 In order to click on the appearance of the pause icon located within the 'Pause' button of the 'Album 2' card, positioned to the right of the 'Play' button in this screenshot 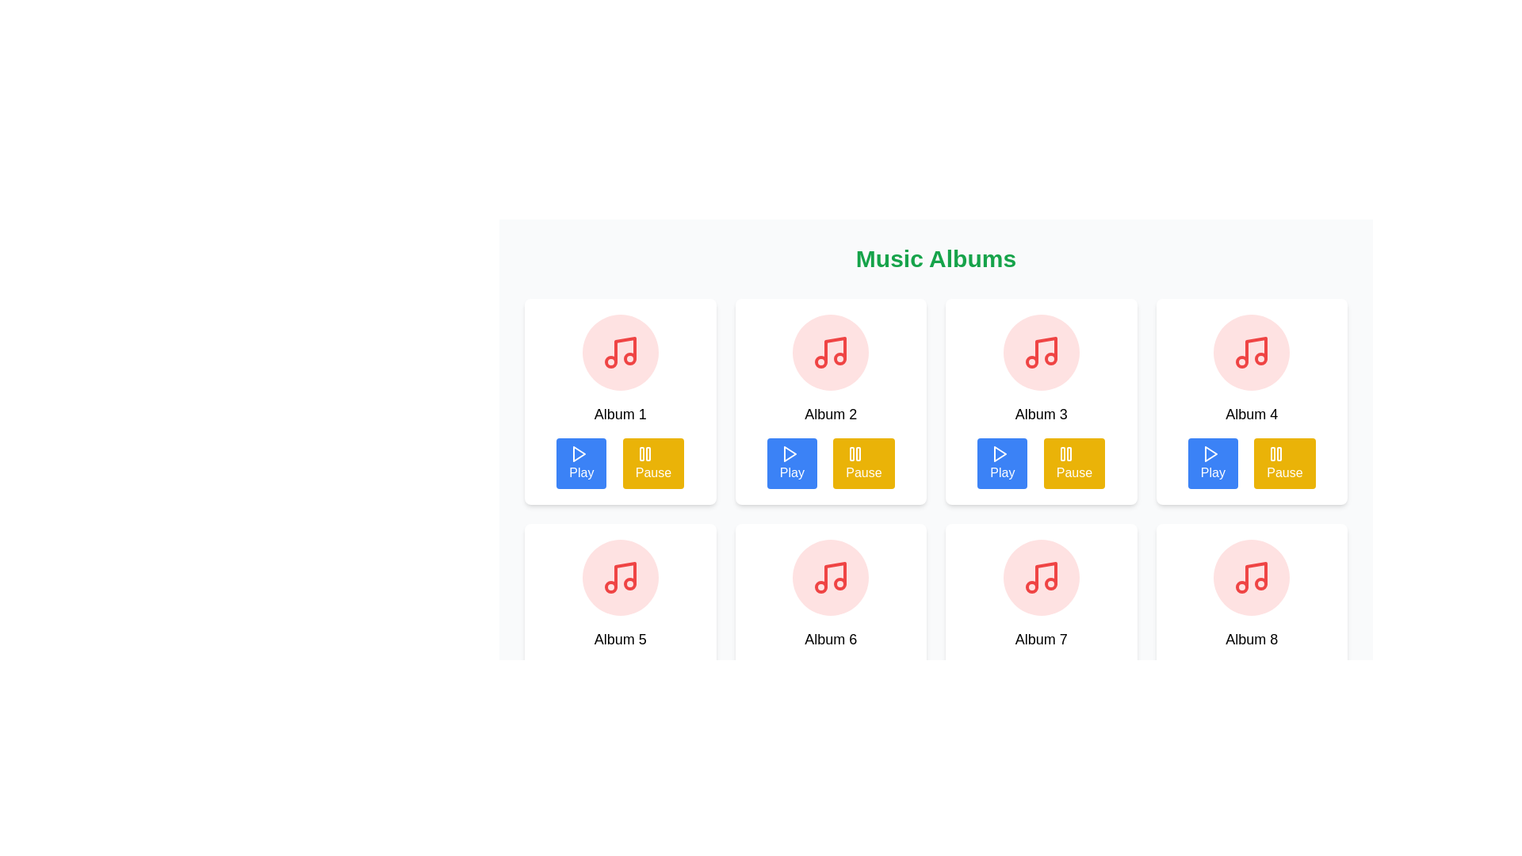, I will do `click(644, 454)`.